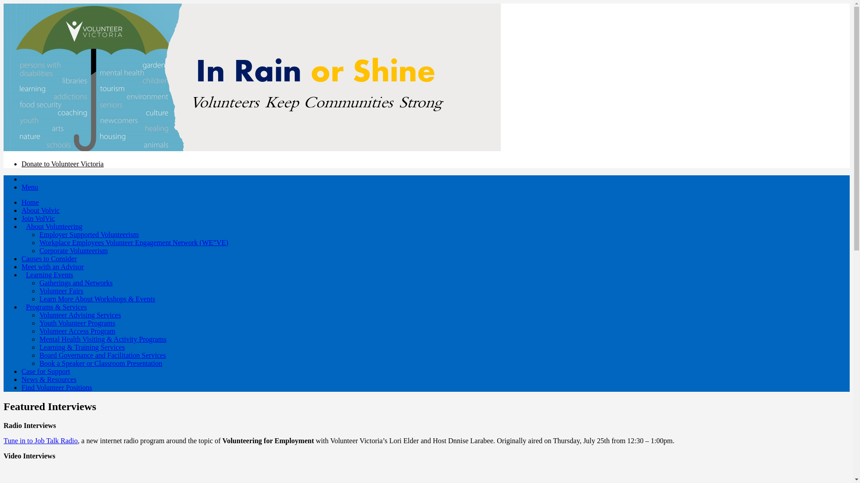 Image resolution: width=860 pixels, height=483 pixels. I want to click on 'Menu', so click(21, 186).